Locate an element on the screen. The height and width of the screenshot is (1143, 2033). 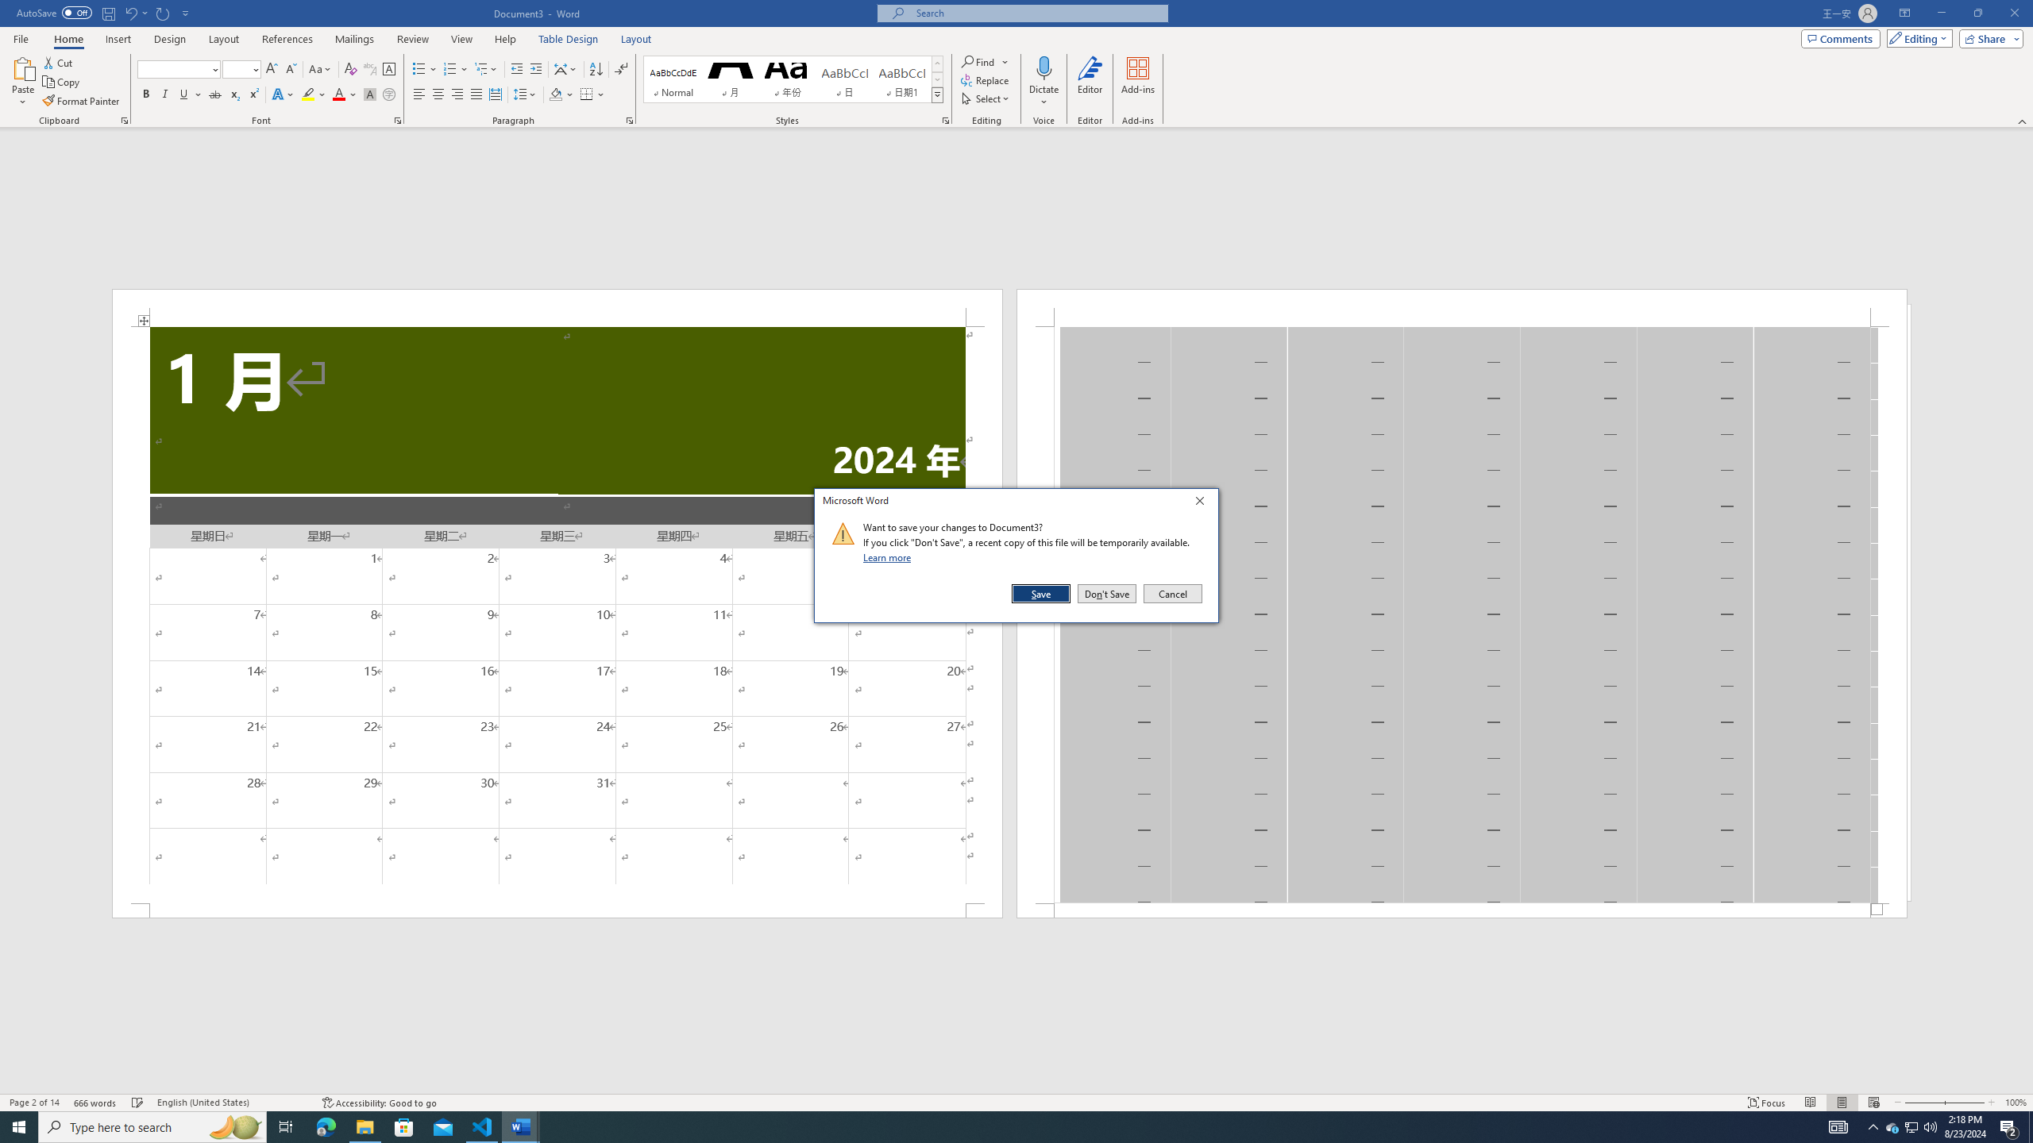
'Paste' is located at coordinates (22, 82).